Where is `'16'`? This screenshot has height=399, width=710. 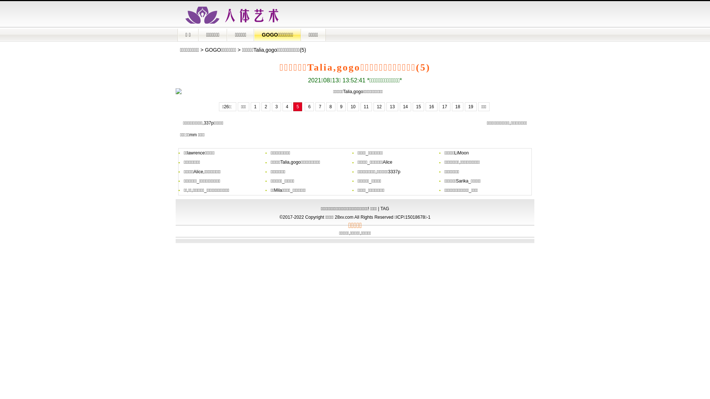
'16' is located at coordinates (431, 107).